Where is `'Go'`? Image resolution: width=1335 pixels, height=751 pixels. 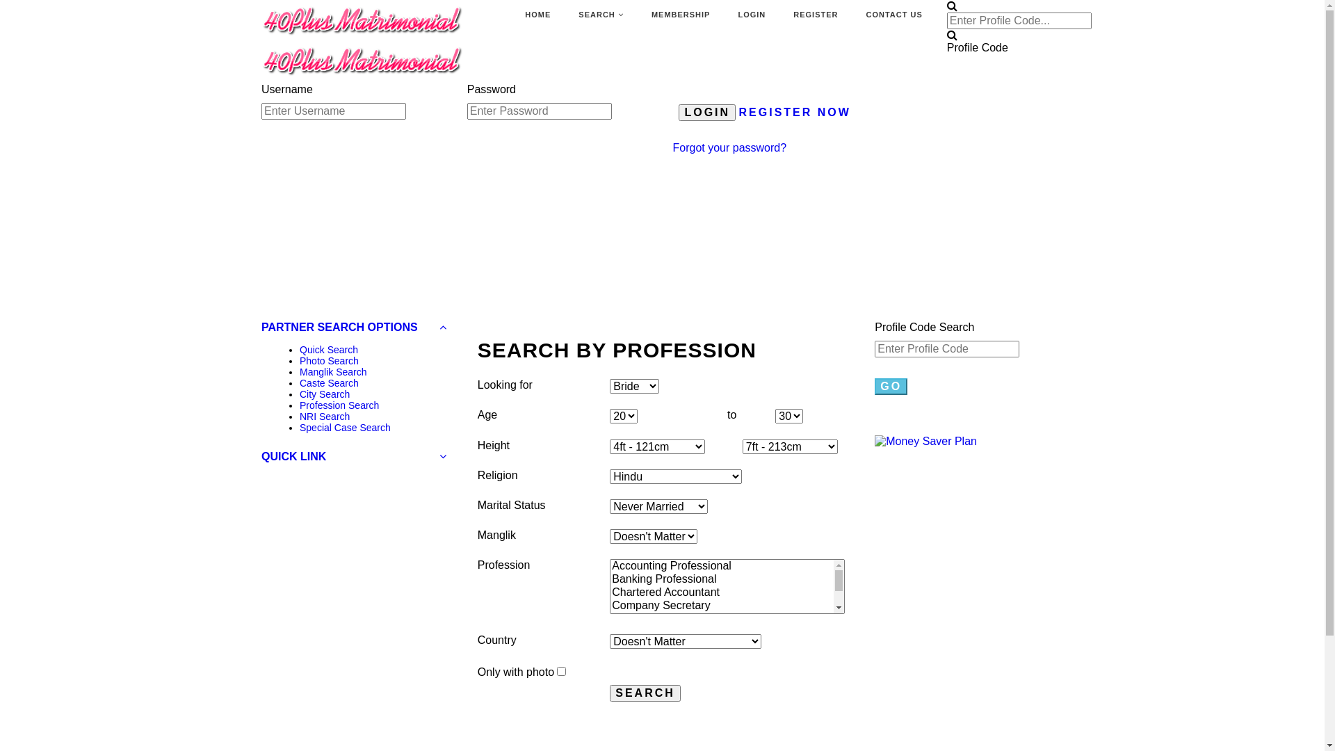 'Go' is located at coordinates (891, 386).